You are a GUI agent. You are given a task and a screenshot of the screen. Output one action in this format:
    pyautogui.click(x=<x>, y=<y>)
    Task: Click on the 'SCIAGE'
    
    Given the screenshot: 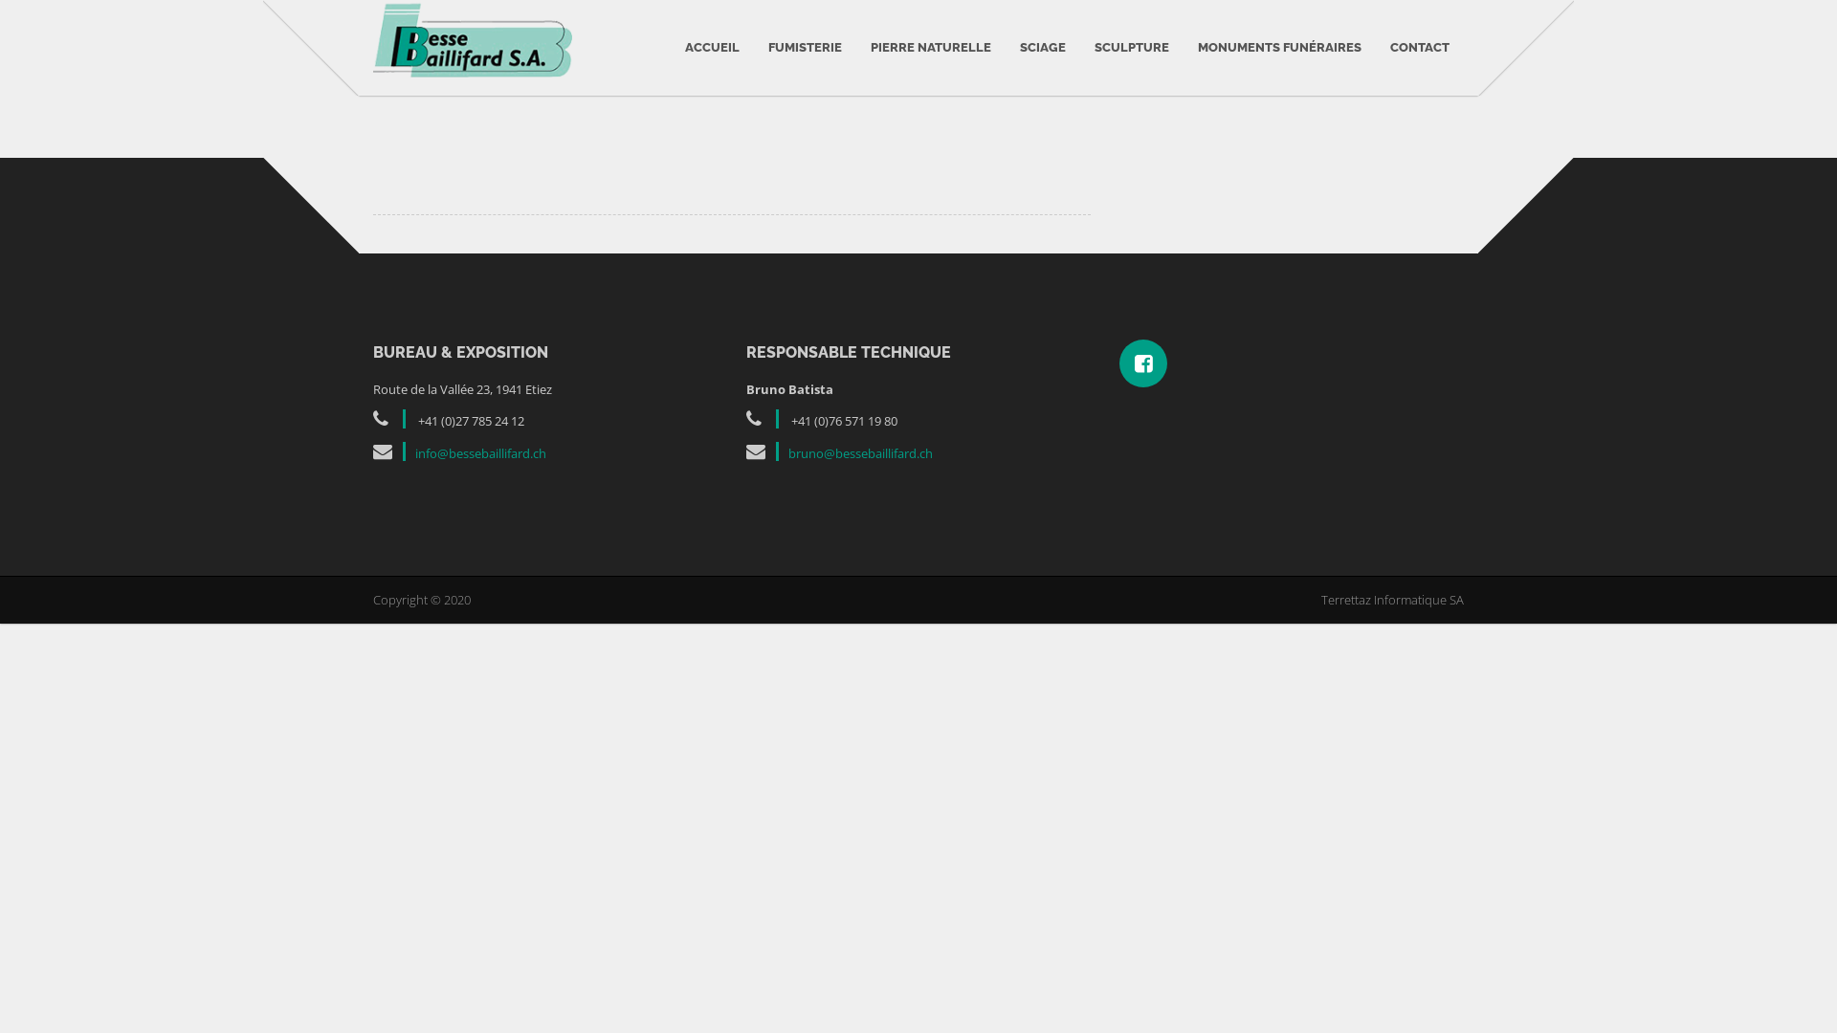 What is the action you would take?
    pyautogui.click(x=1041, y=47)
    